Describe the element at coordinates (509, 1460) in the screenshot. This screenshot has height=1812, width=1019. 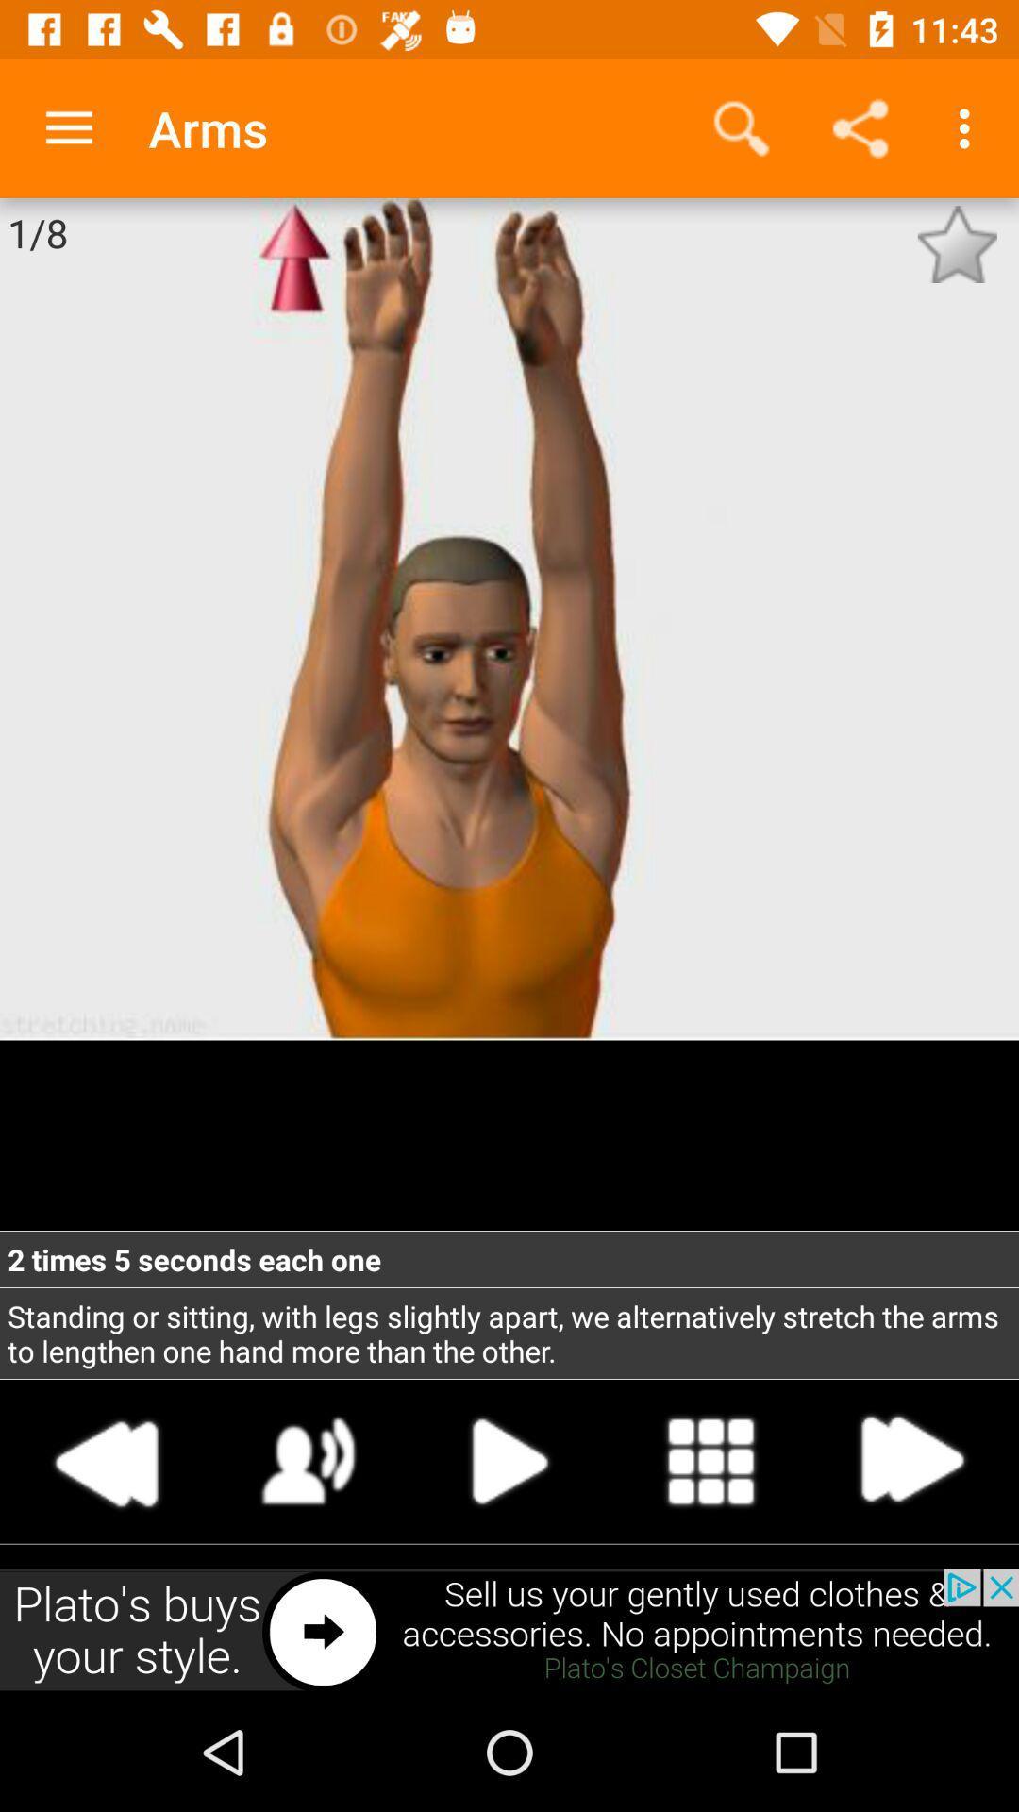
I see `button` at that location.